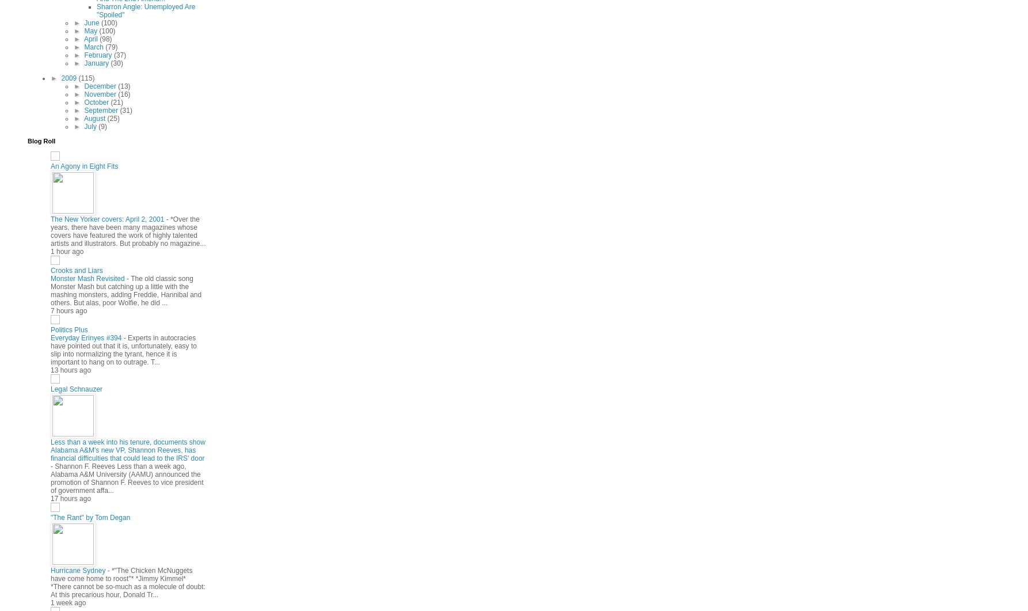  I want to click on 'July', so click(90, 125).